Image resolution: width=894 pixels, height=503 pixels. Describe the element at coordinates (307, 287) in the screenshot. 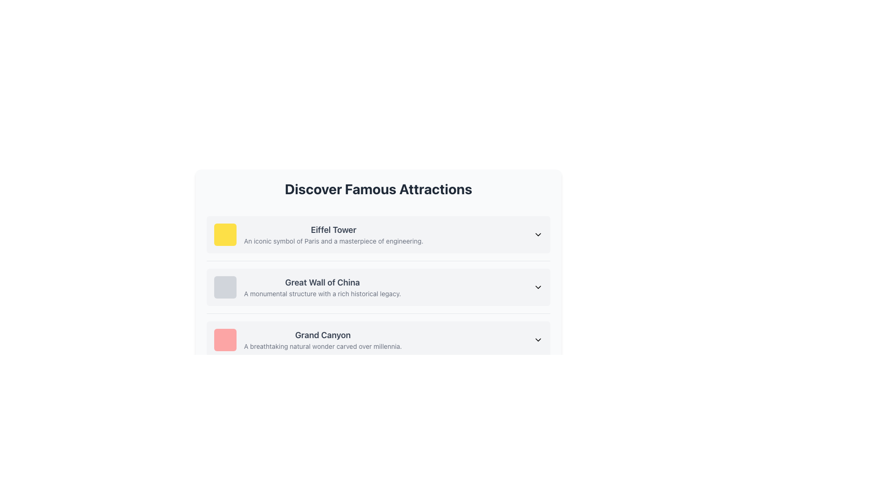

I see `the Text block displaying the title and subtitle about the Great Wall of China` at that location.